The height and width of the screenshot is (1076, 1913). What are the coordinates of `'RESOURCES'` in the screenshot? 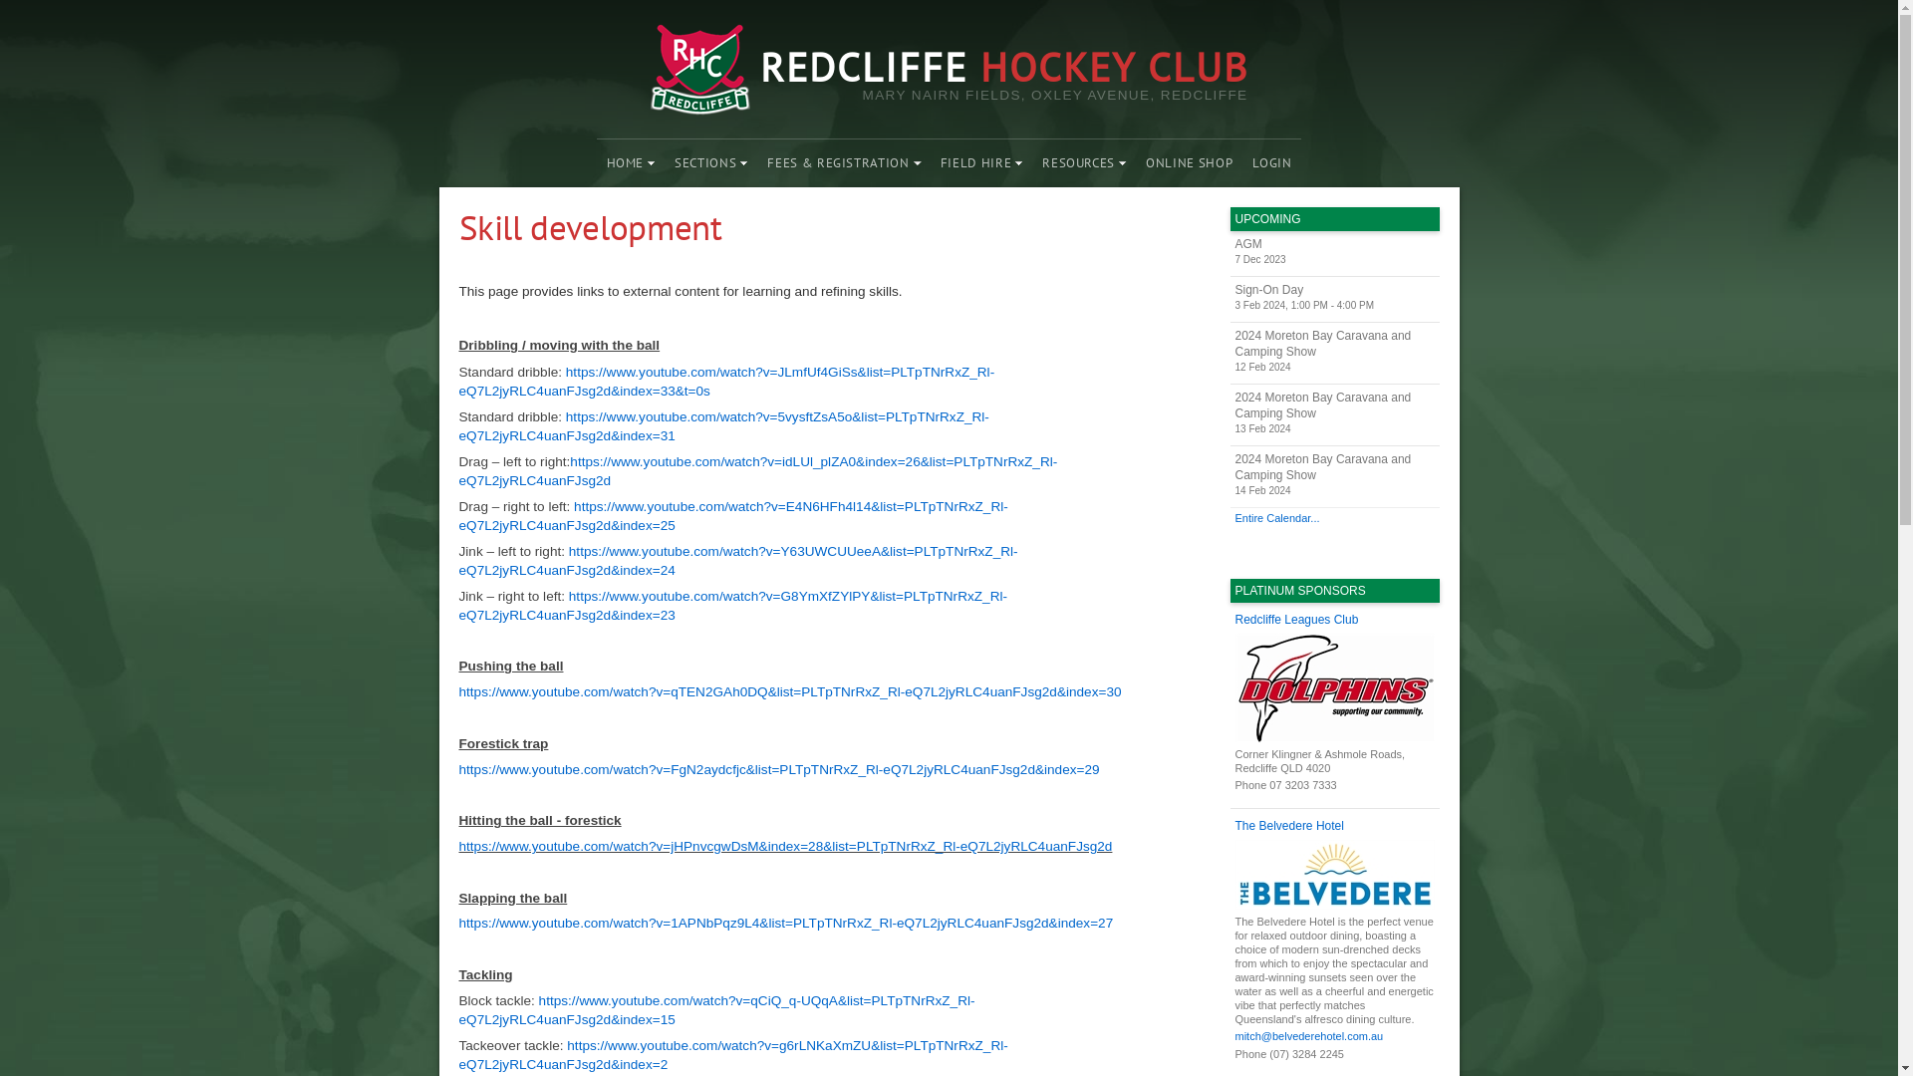 It's located at (1083, 162).